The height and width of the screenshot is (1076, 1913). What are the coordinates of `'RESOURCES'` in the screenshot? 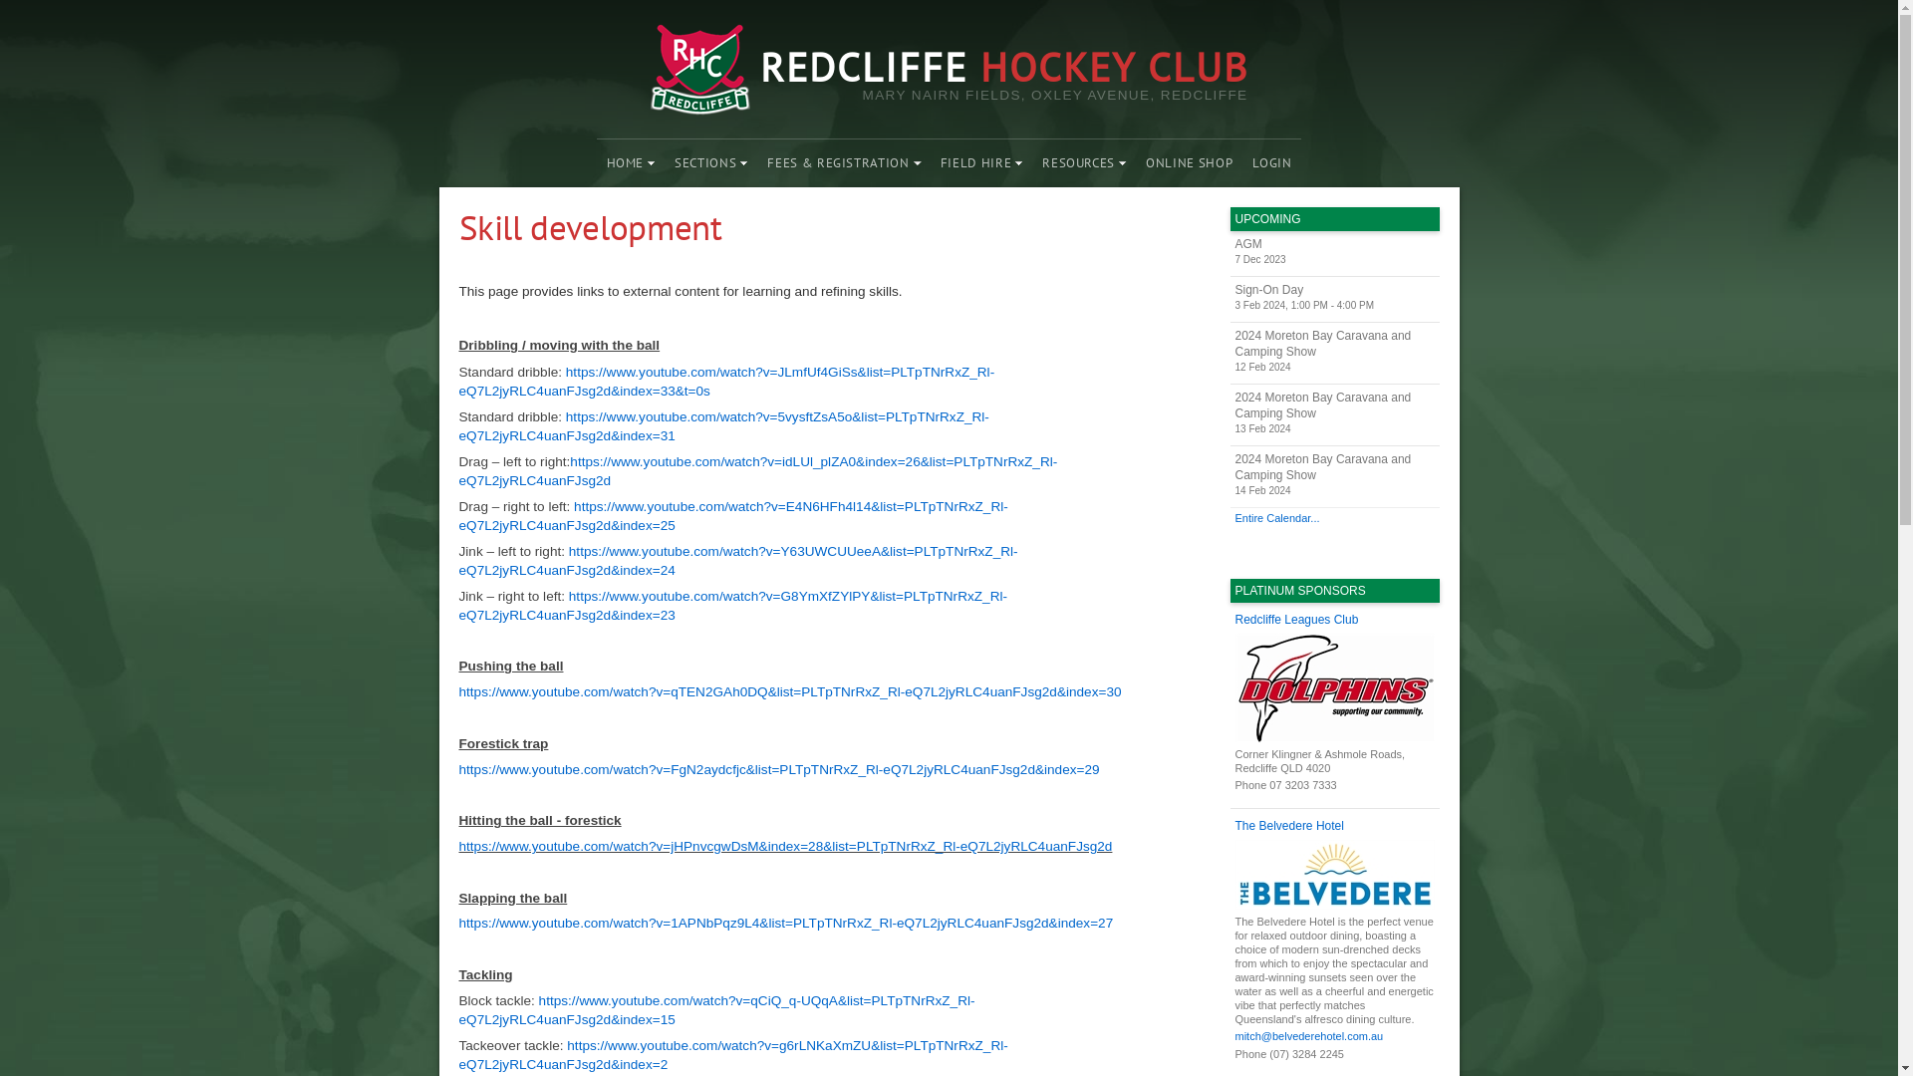 It's located at (1083, 162).